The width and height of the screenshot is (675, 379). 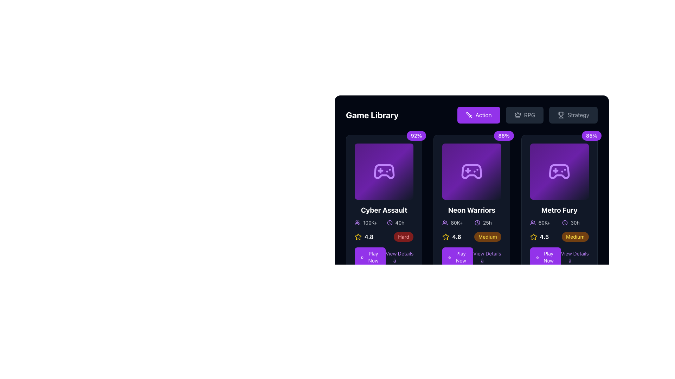 What do you see at coordinates (358, 237) in the screenshot?
I see `the star icon outlined in yellow, part of the 'Cyber Assault' card, located to the left of the '4.8' rating text` at bounding box center [358, 237].